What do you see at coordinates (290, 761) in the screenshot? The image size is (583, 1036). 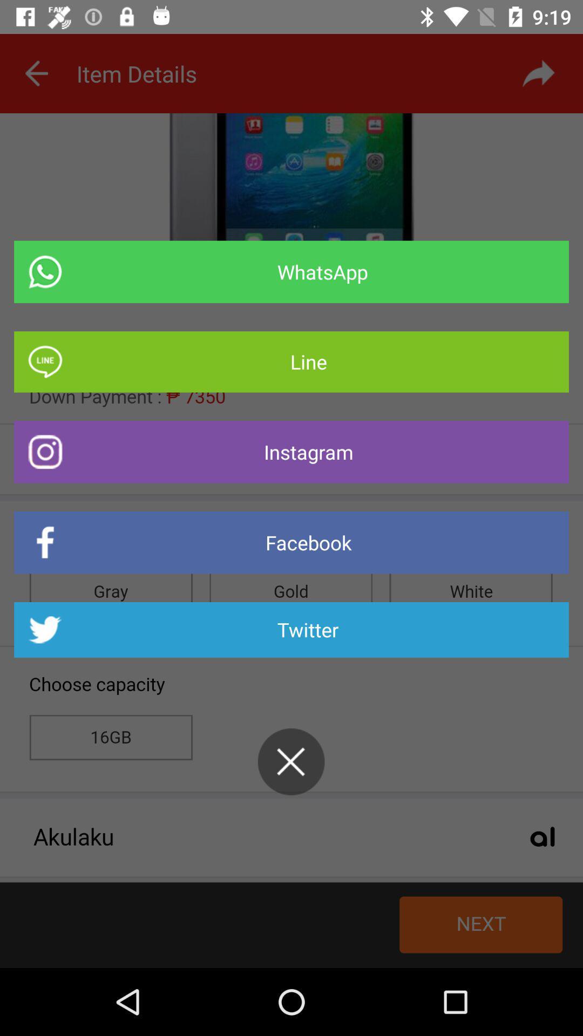 I see `button` at bounding box center [290, 761].